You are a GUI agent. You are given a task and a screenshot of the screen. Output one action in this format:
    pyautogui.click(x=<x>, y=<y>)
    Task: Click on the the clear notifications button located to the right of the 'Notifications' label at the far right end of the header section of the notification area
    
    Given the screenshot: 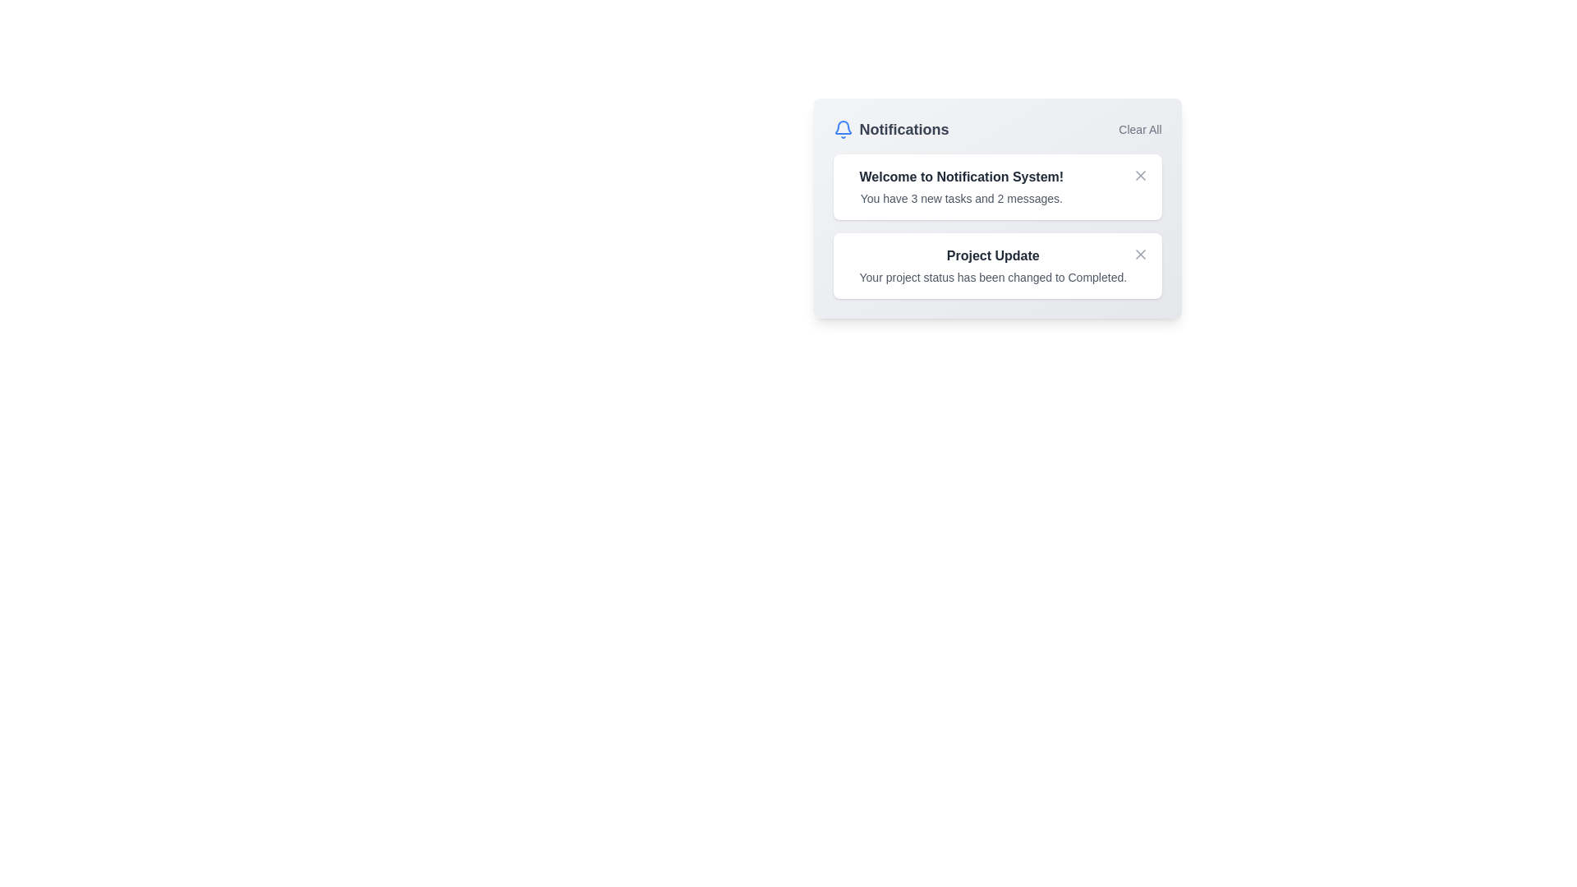 What is the action you would take?
    pyautogui.click(x=1138, y=129)
    